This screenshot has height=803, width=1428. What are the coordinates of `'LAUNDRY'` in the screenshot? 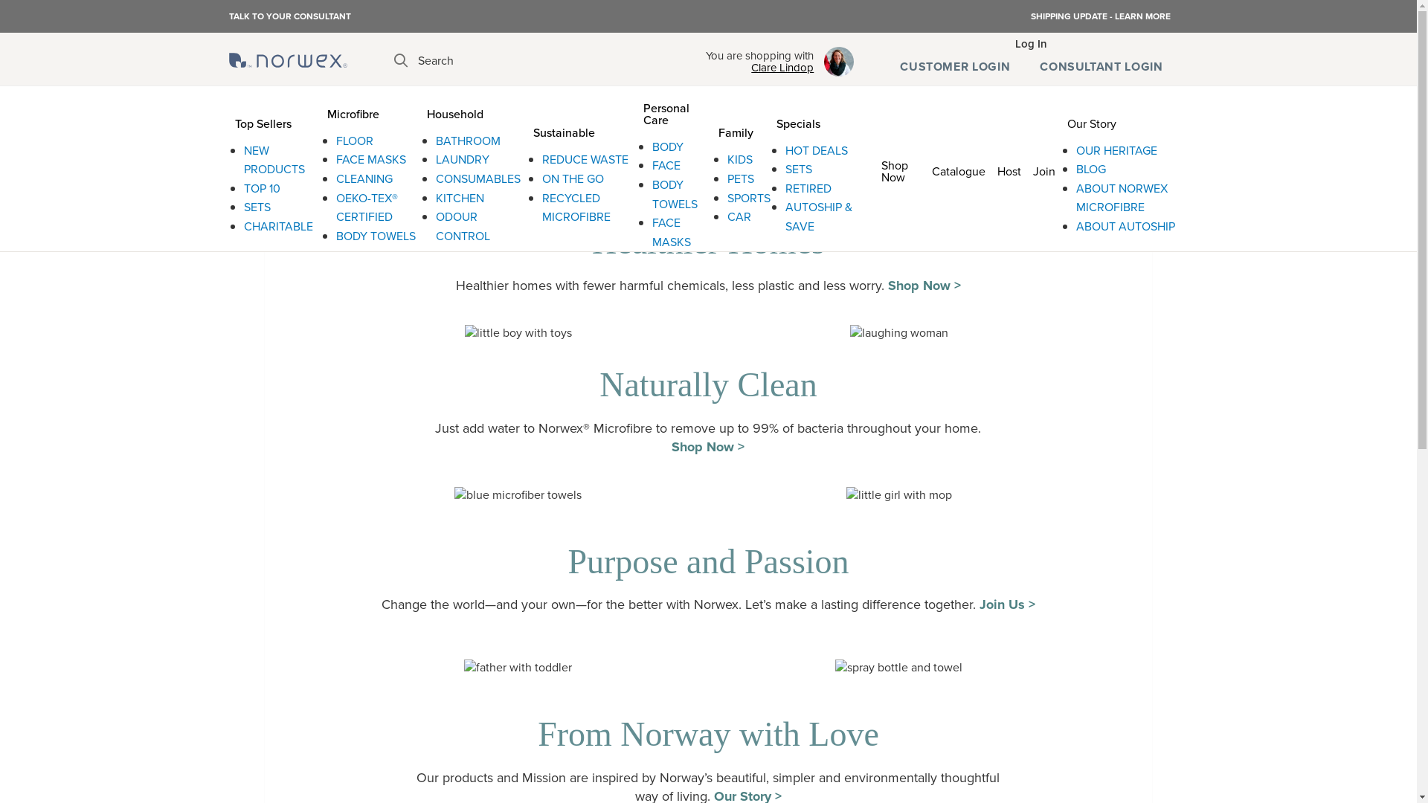 It's located at (434, 159).